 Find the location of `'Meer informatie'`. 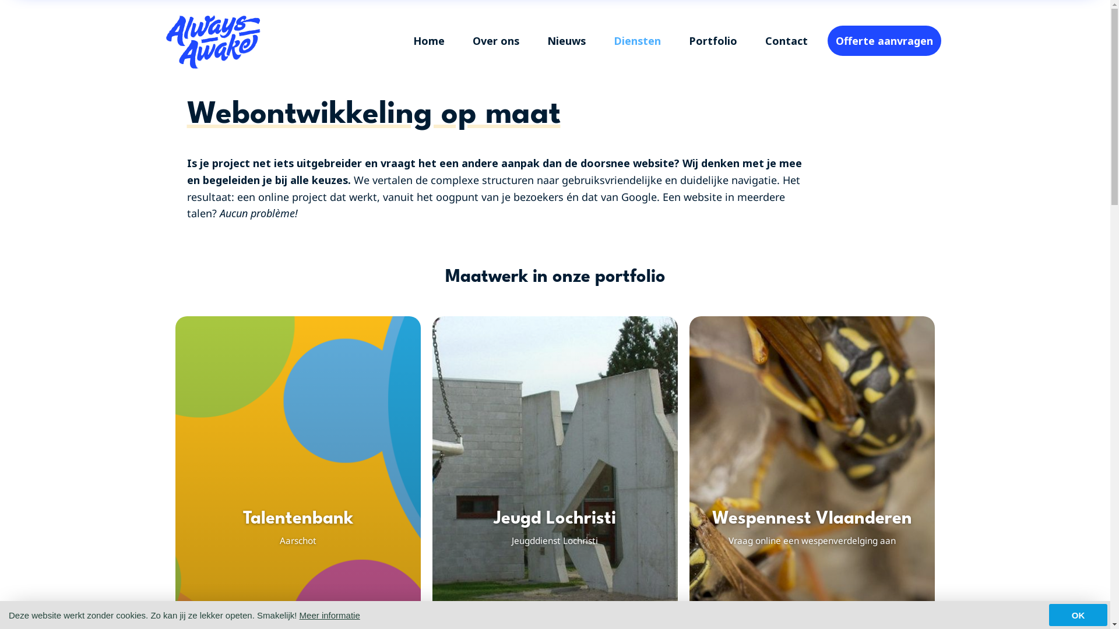

'Meer informatie' is located at coordinates (329, 614).